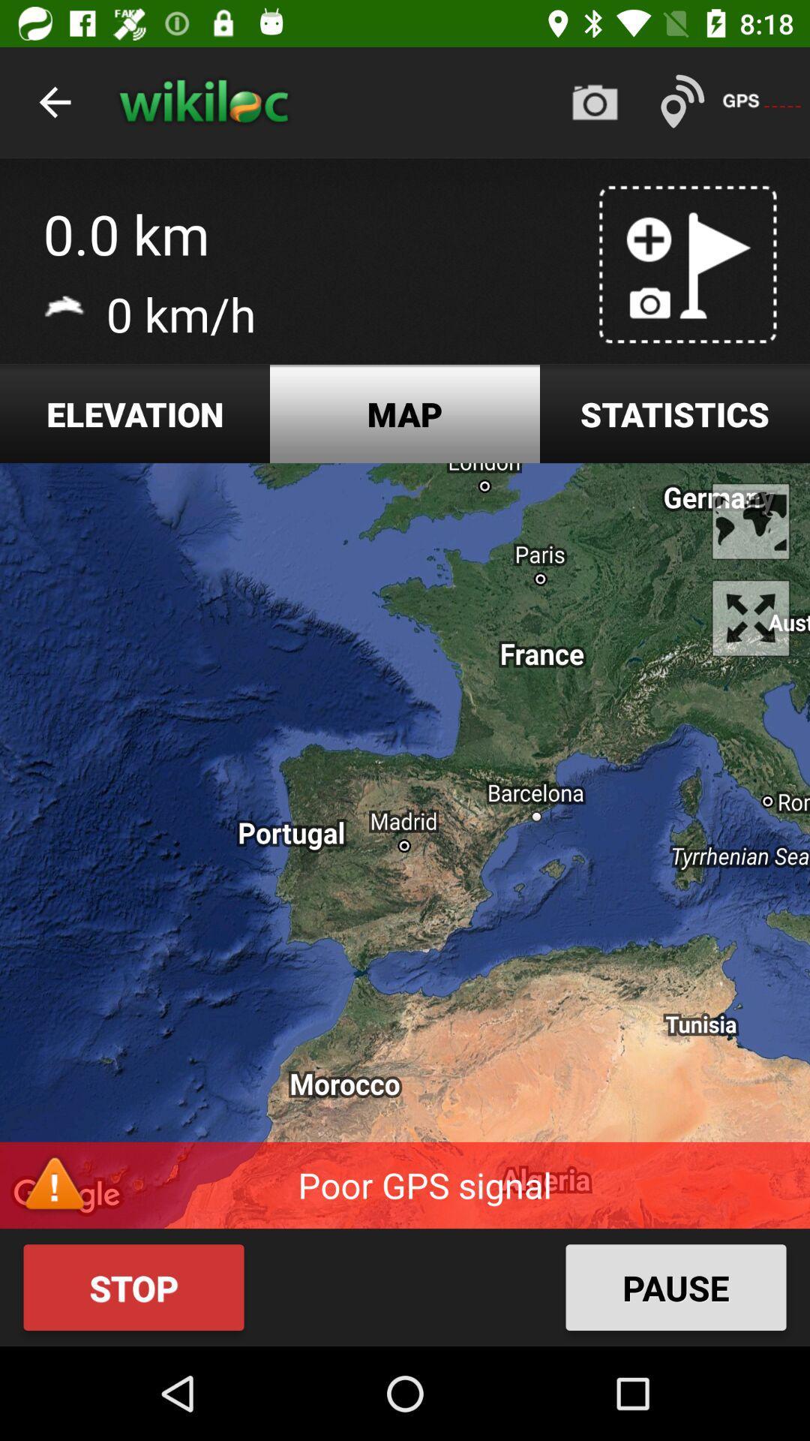 The height and width of the screenshot is (1441, 810). What do you see at coordinates (405, 846) in the screenshot?
I see `icon below elevation icon` at bounding box center [405, 846].